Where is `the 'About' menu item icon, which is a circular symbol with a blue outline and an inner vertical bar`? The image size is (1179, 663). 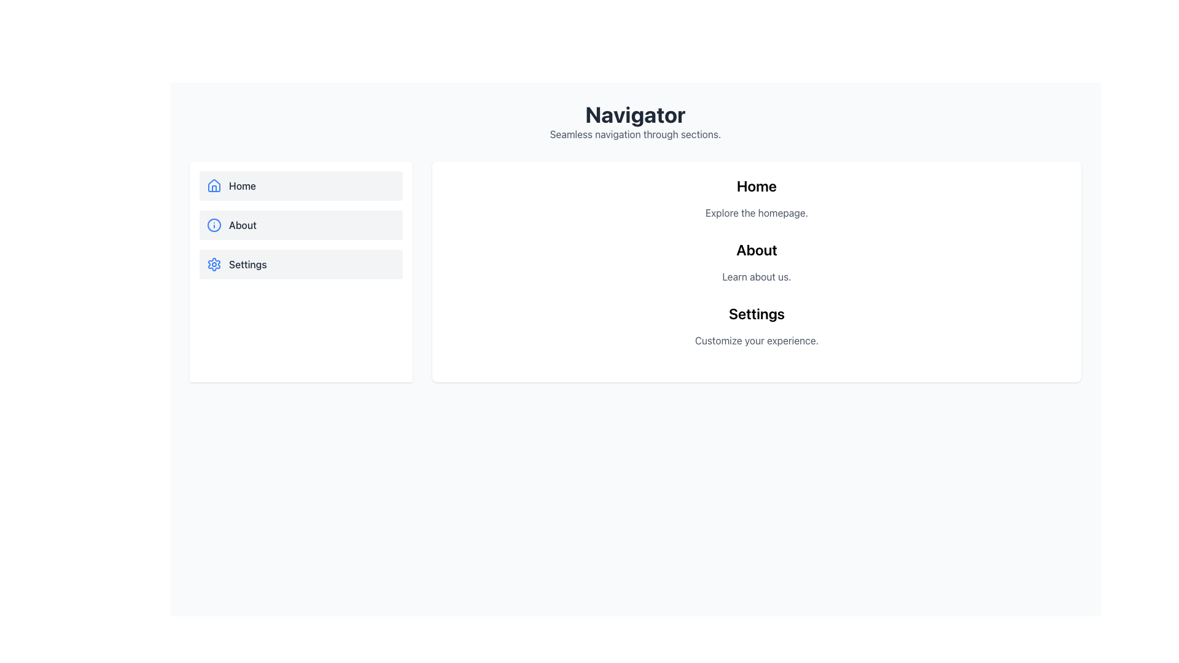 the 'About' menu item icon, which is a circular symbol with a blue outline and an inner vertical bar is located at coordinates (214, 225).